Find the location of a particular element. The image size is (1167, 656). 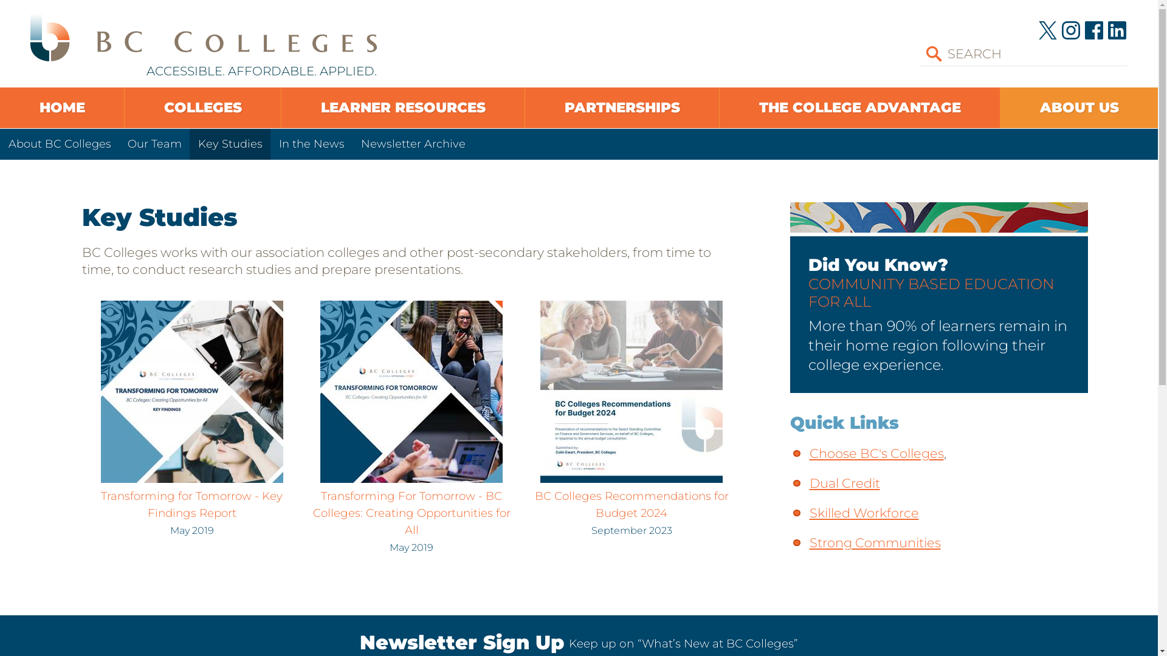

'About BC Colleges' is located at coordinates (0, 143).